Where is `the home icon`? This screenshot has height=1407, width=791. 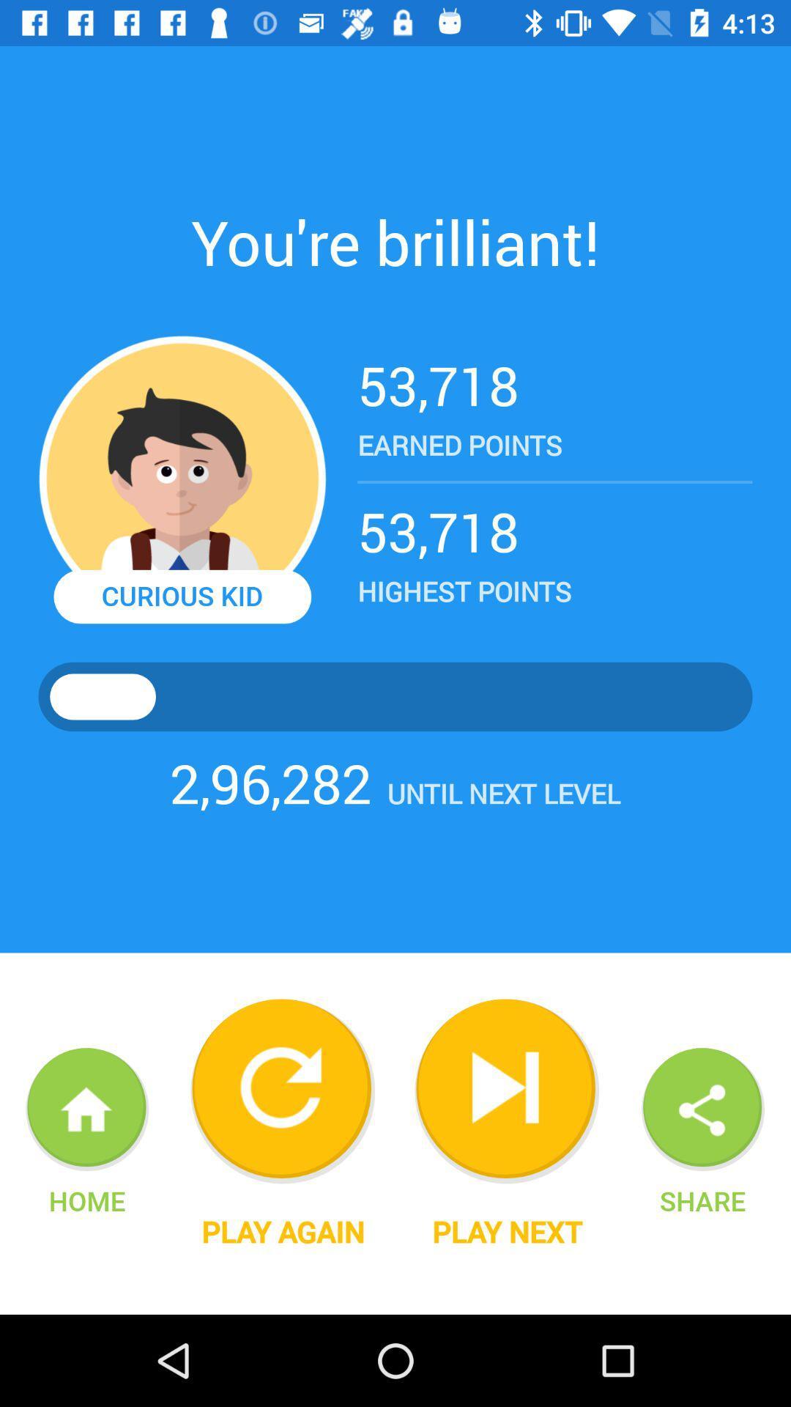
the home icon is located at coordinates (87, 1109).